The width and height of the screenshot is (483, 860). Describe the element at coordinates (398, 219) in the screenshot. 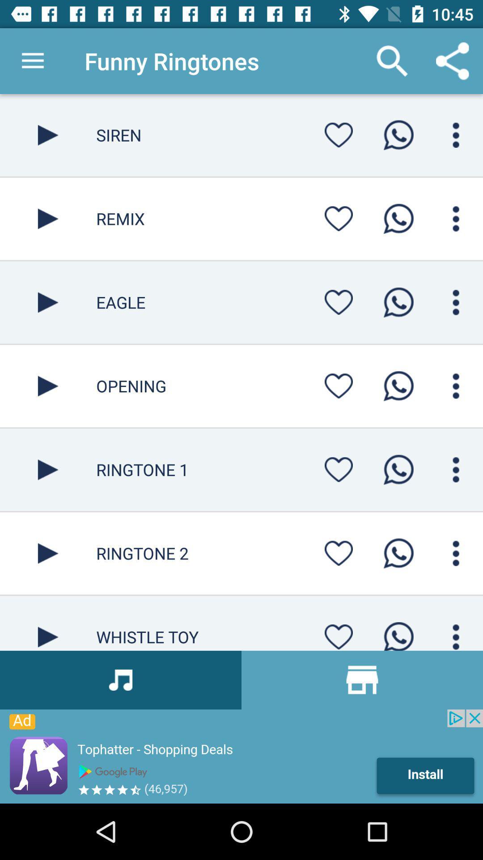

I see `initiate phone call` at that location.